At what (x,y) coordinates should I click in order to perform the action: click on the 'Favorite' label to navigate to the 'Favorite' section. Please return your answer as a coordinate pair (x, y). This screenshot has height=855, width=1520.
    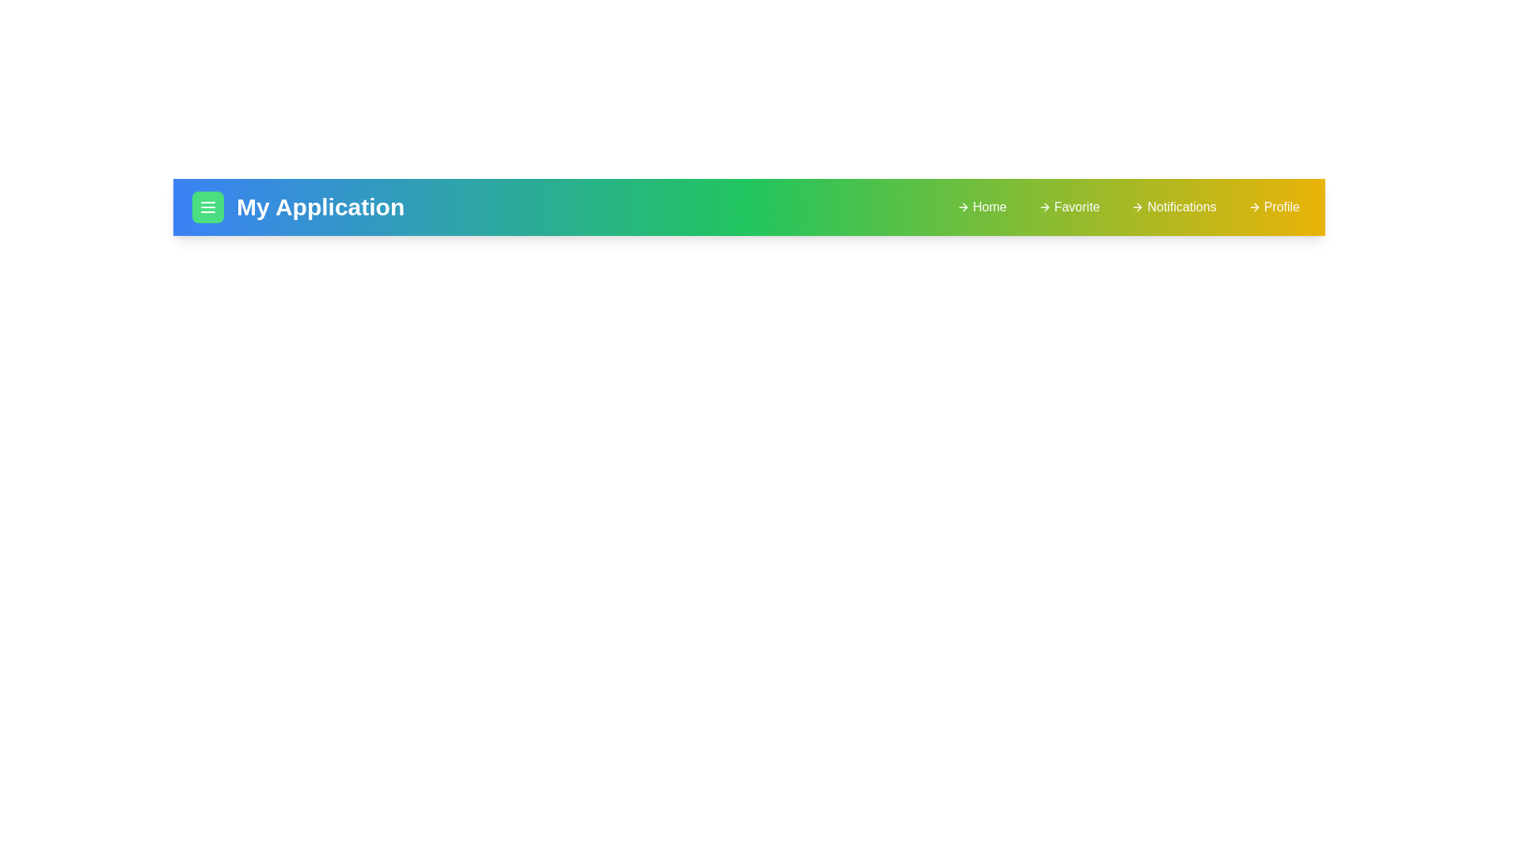
    Looking at the image, I should click on (1069, 207).